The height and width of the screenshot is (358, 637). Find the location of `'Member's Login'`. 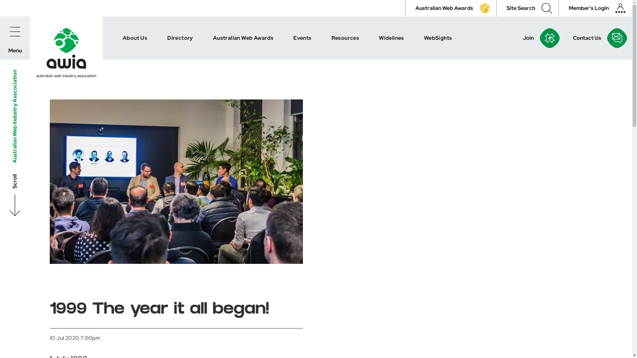

'Member's Login' is located at coordinates (595, 8).